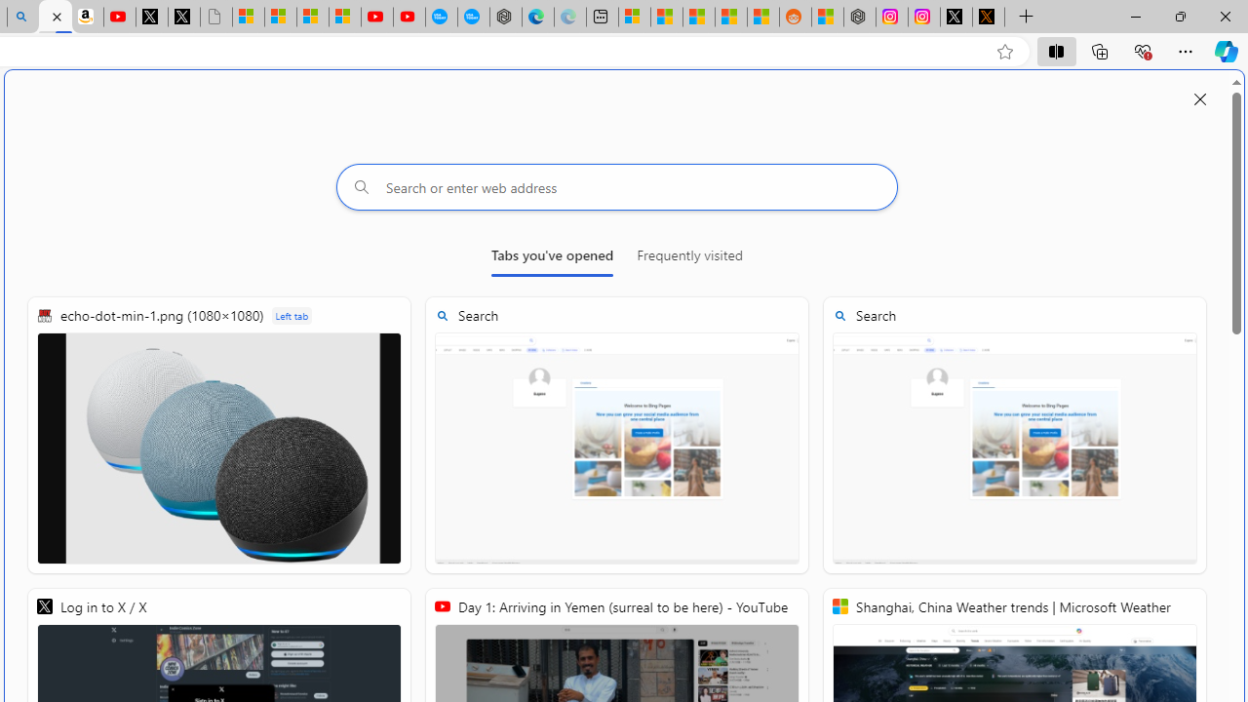  I want to click on 'Copilot (Ctrl+Shift+.)', so click(1226, 50).